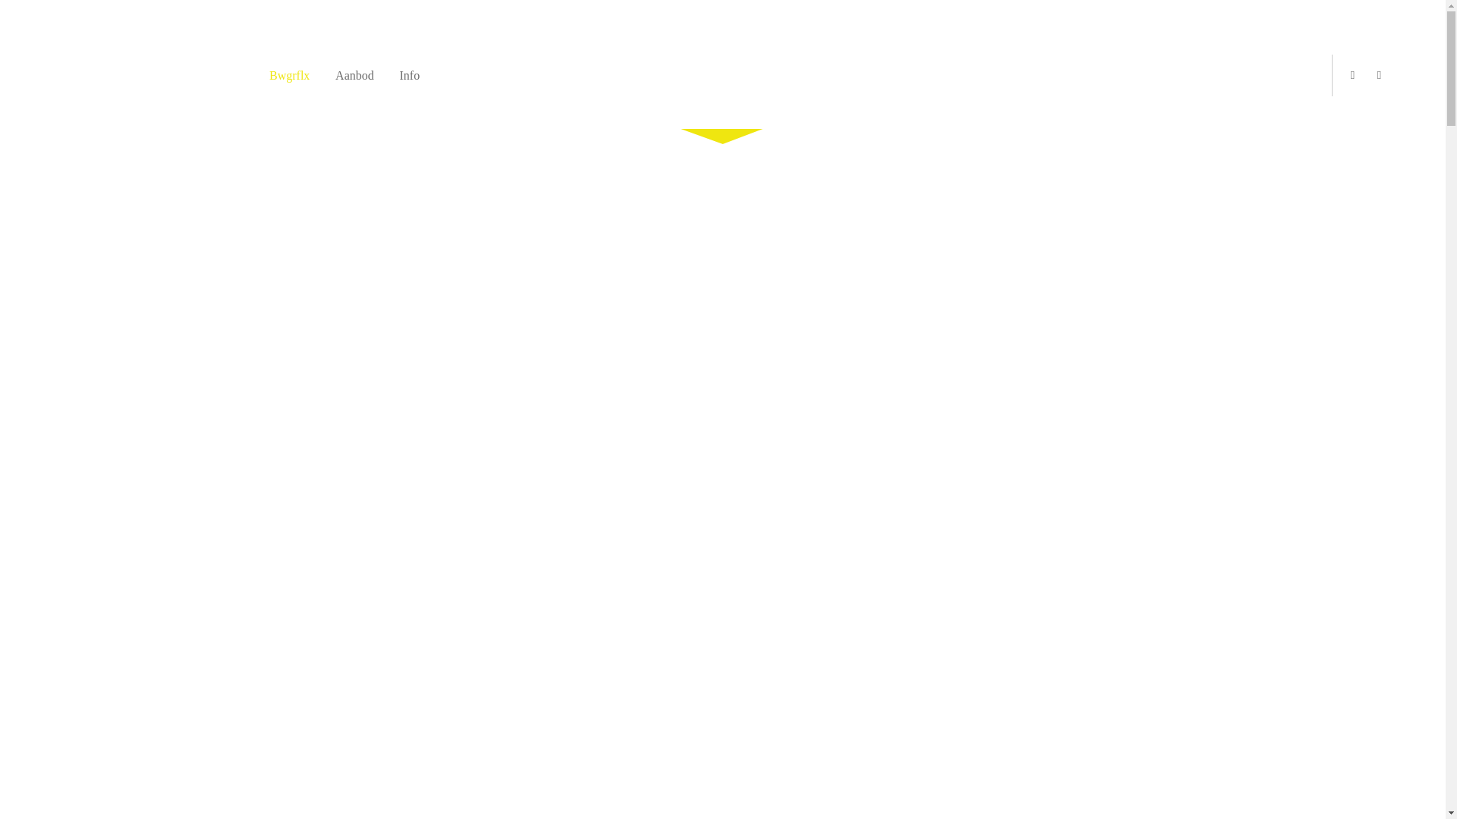 The image size is (1457, 819). Describe the element at coordinates (334, 75) in the screenshot. I see `'Aanbod'` at that location.